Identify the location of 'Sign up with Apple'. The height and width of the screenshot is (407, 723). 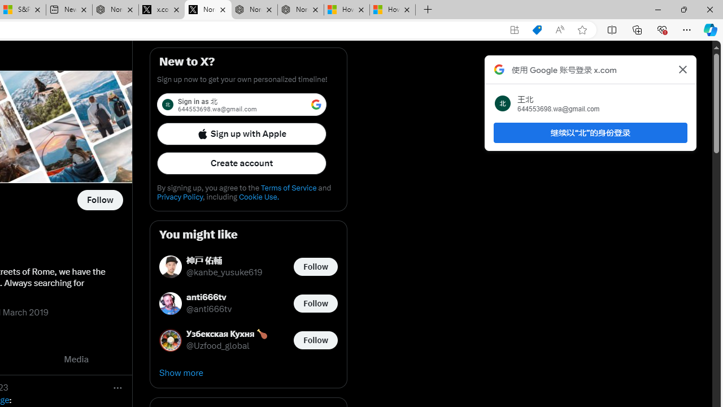
(241, 133).